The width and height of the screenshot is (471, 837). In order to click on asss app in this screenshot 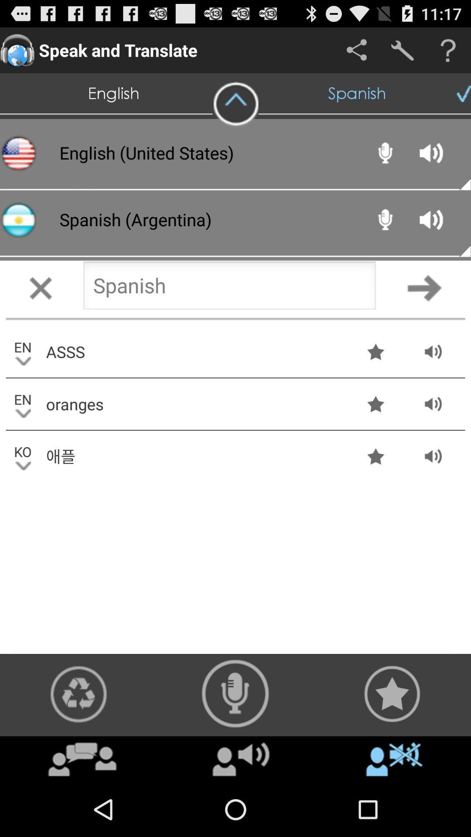, I will do `click(195, 351)`.